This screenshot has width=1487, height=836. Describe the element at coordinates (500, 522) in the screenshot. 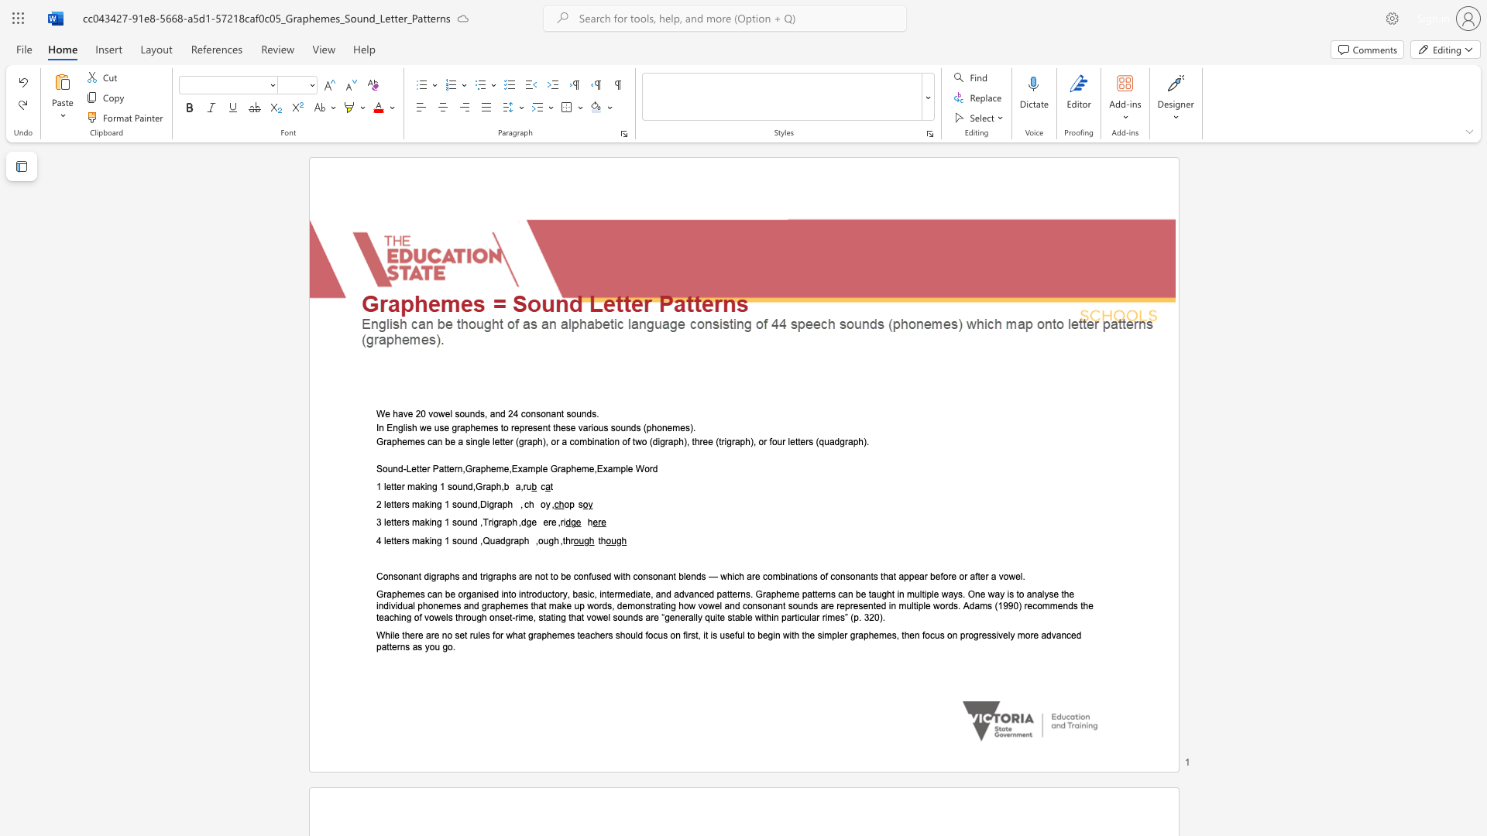

I see `the 3th character "r" in the text` at that location.